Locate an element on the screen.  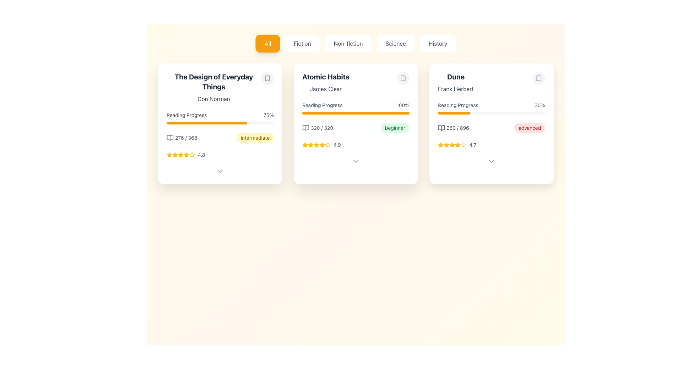
the reading progress bar is located at coordinates (226, 123).